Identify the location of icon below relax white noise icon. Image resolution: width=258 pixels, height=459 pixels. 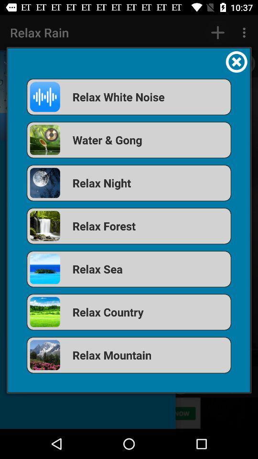
(129, 139).